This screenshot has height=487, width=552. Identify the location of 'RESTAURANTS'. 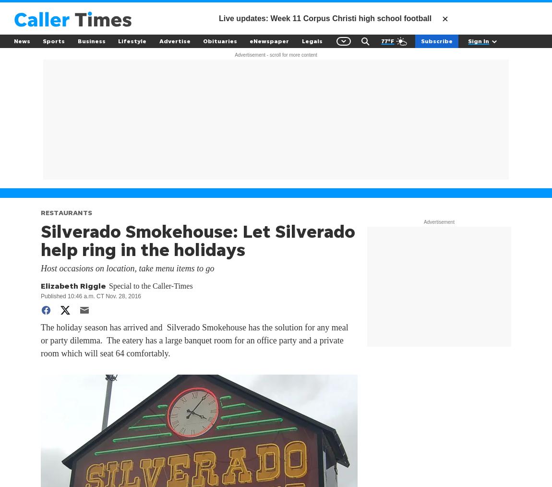
(40, 212).